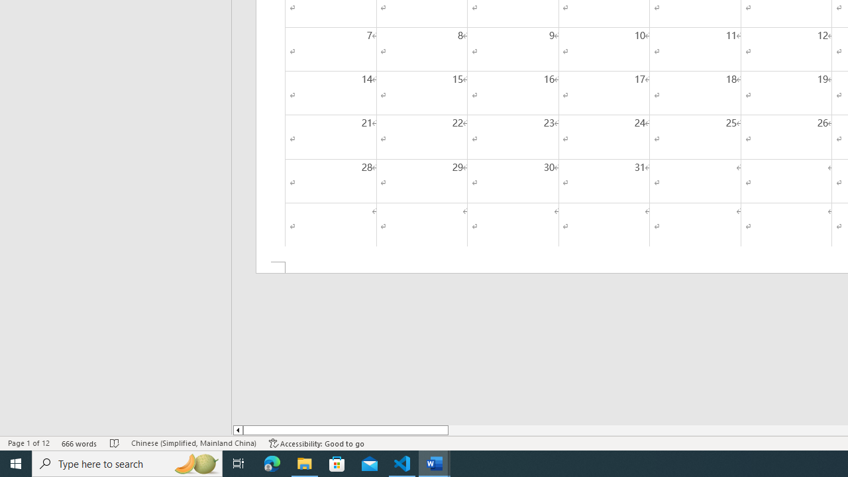  Describe the element at coordinates (316, 443) in the screenshot. I see `'Accessibility Checker Accessibility: Good to go'` at that location.